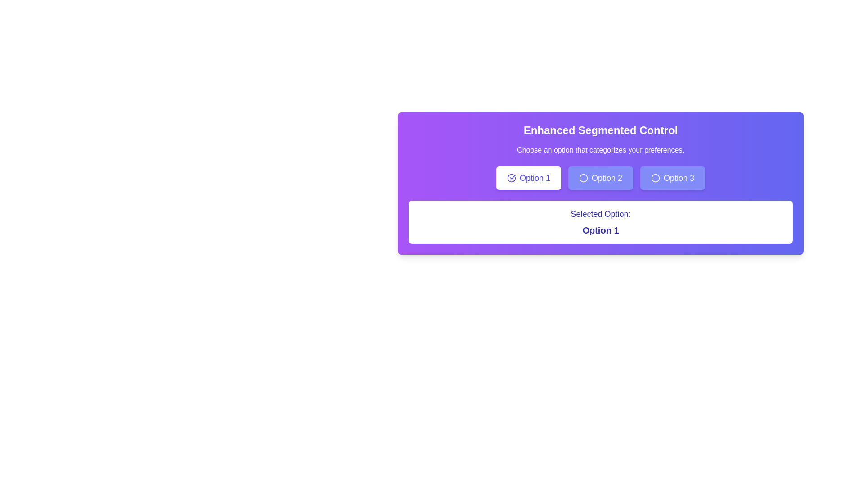 This screenshot has width=864, height=486. What do you see at coordinates (511, 178) in the screenshot?
I see `the selected state indicator icon located to the left of the text label 'Option 1' in the first option button of the segmented control group` at bounding box center [511, 178].